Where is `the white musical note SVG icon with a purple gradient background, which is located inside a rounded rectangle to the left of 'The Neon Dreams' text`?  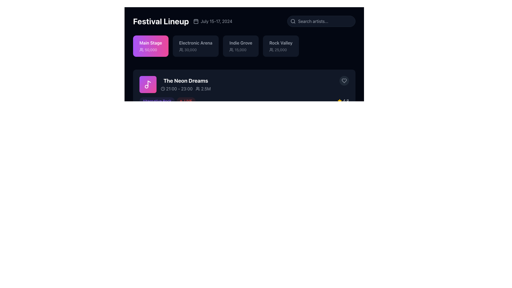 the white musical note SVG icon with a purple gradient background, which is located inside a rounded rectangle to the left of 'The Neon Dreams' text is located at coordinates (148, 84).